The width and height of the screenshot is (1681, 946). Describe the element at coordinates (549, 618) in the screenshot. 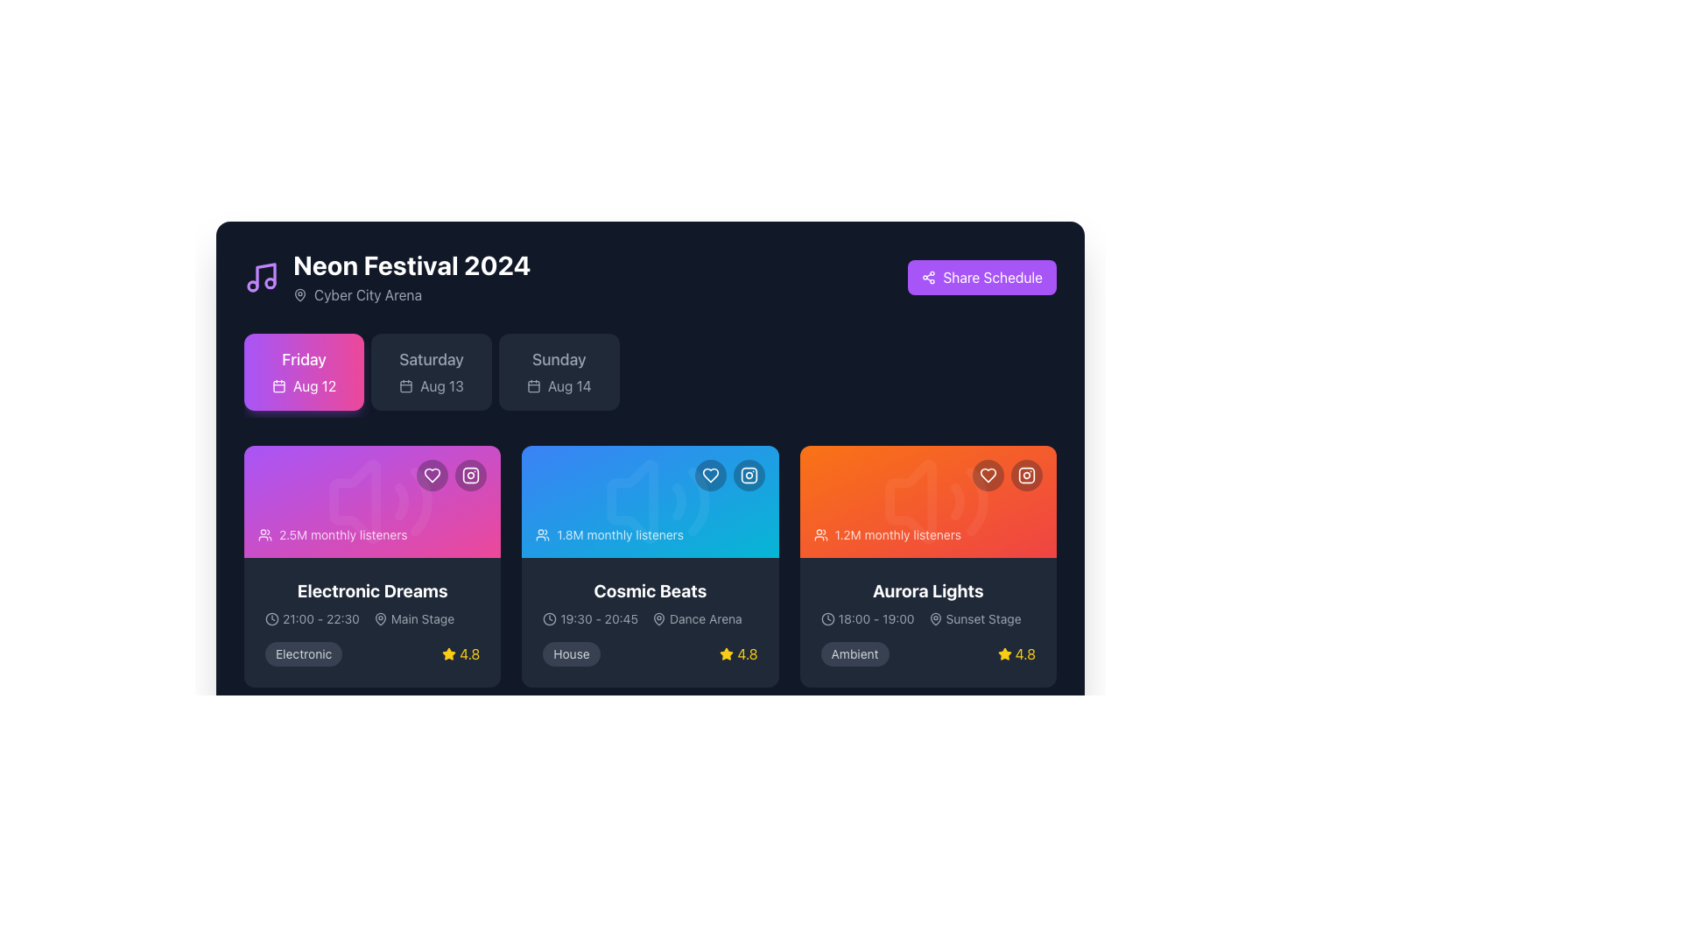

I see `the clock icon within the 'Cosmic Beats' schedule card, located to the left of the time range '19:30 - 20:45'` at that location.